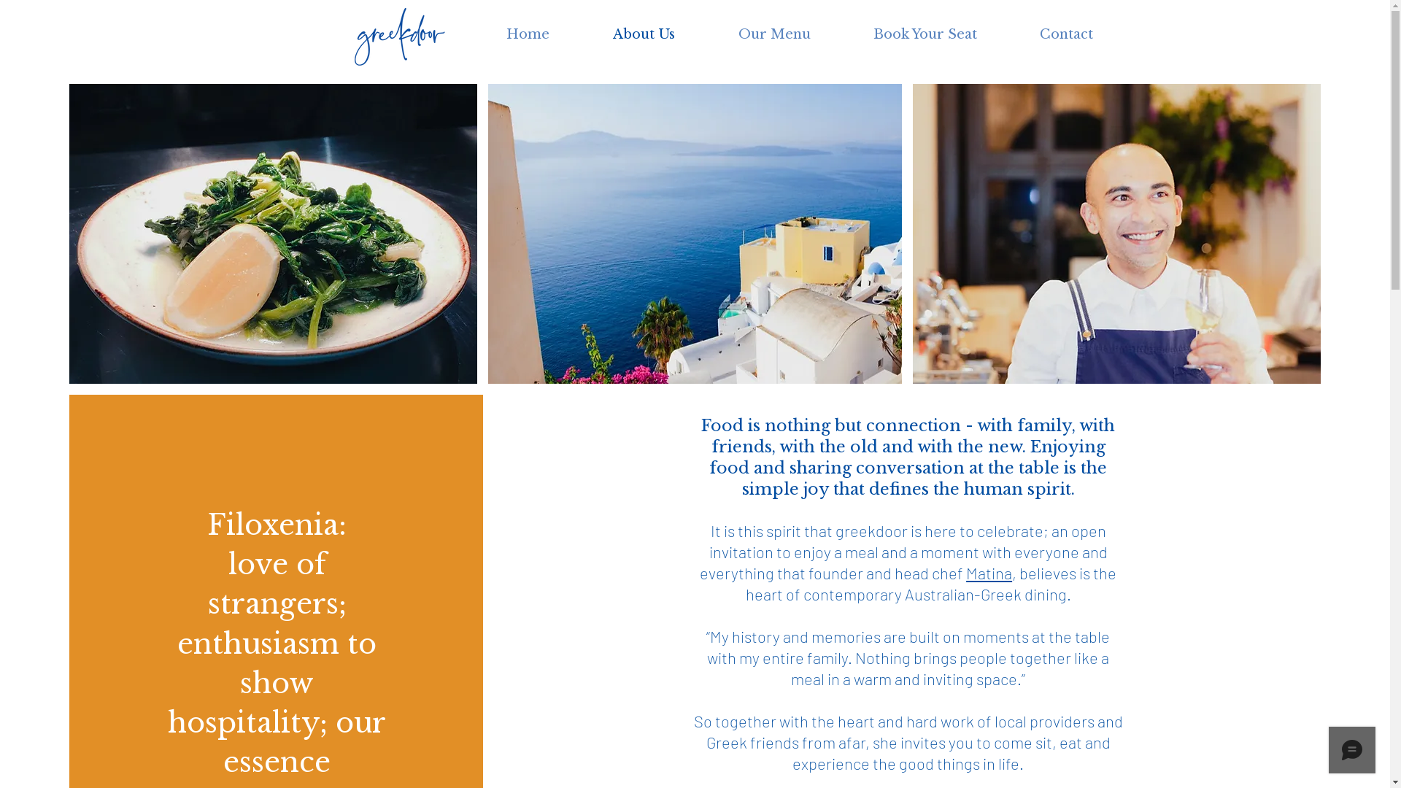 This screenshot has height=788, width=1401. What do you see at coordinates (924, 34) in the screenshot?
I see `'Book Your Seat'` at bounding box center [924, 34].